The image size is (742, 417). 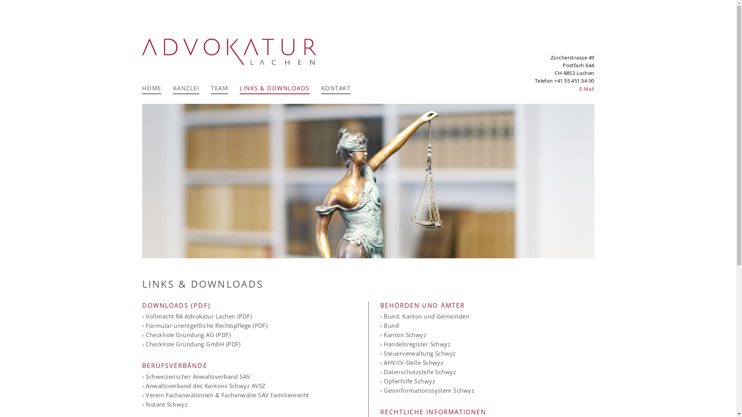 What do you see at coordinates (274, 89) in the screenshot?
I see `'LINKS & DOWNLOADS'` at bounding box center [274, 89].